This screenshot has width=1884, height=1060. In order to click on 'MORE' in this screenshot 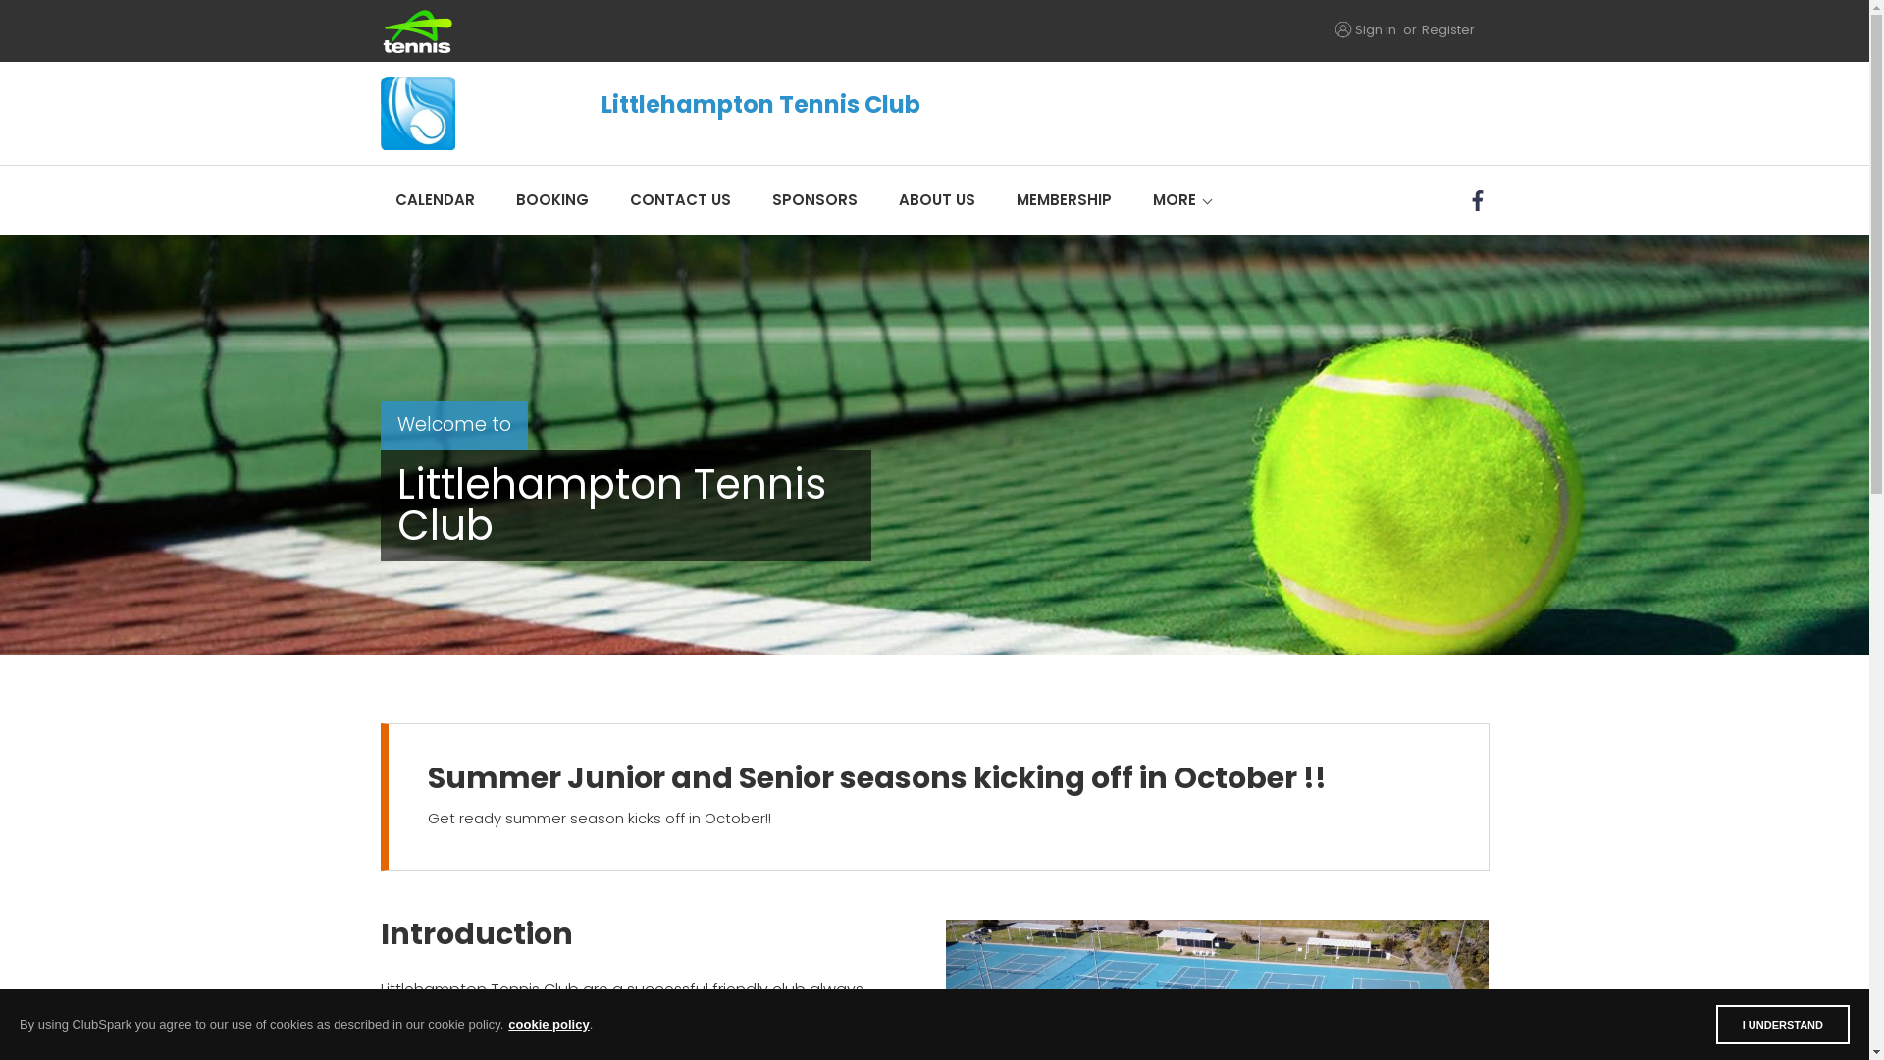, I will do `click(1174, 200)`.